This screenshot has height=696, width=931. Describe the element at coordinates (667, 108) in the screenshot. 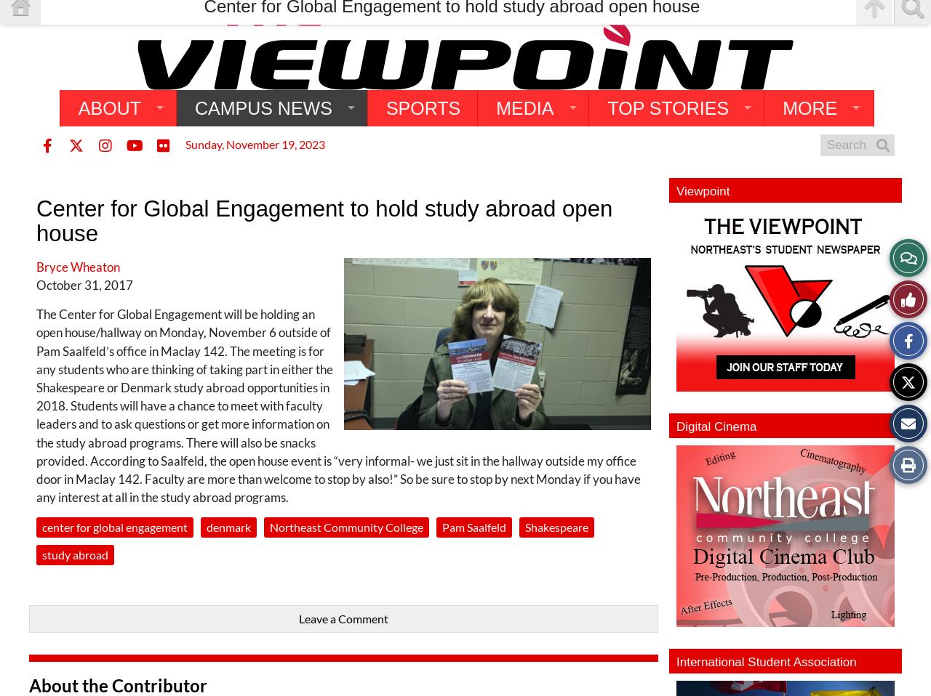

I see `'Top Stories'` at that location.